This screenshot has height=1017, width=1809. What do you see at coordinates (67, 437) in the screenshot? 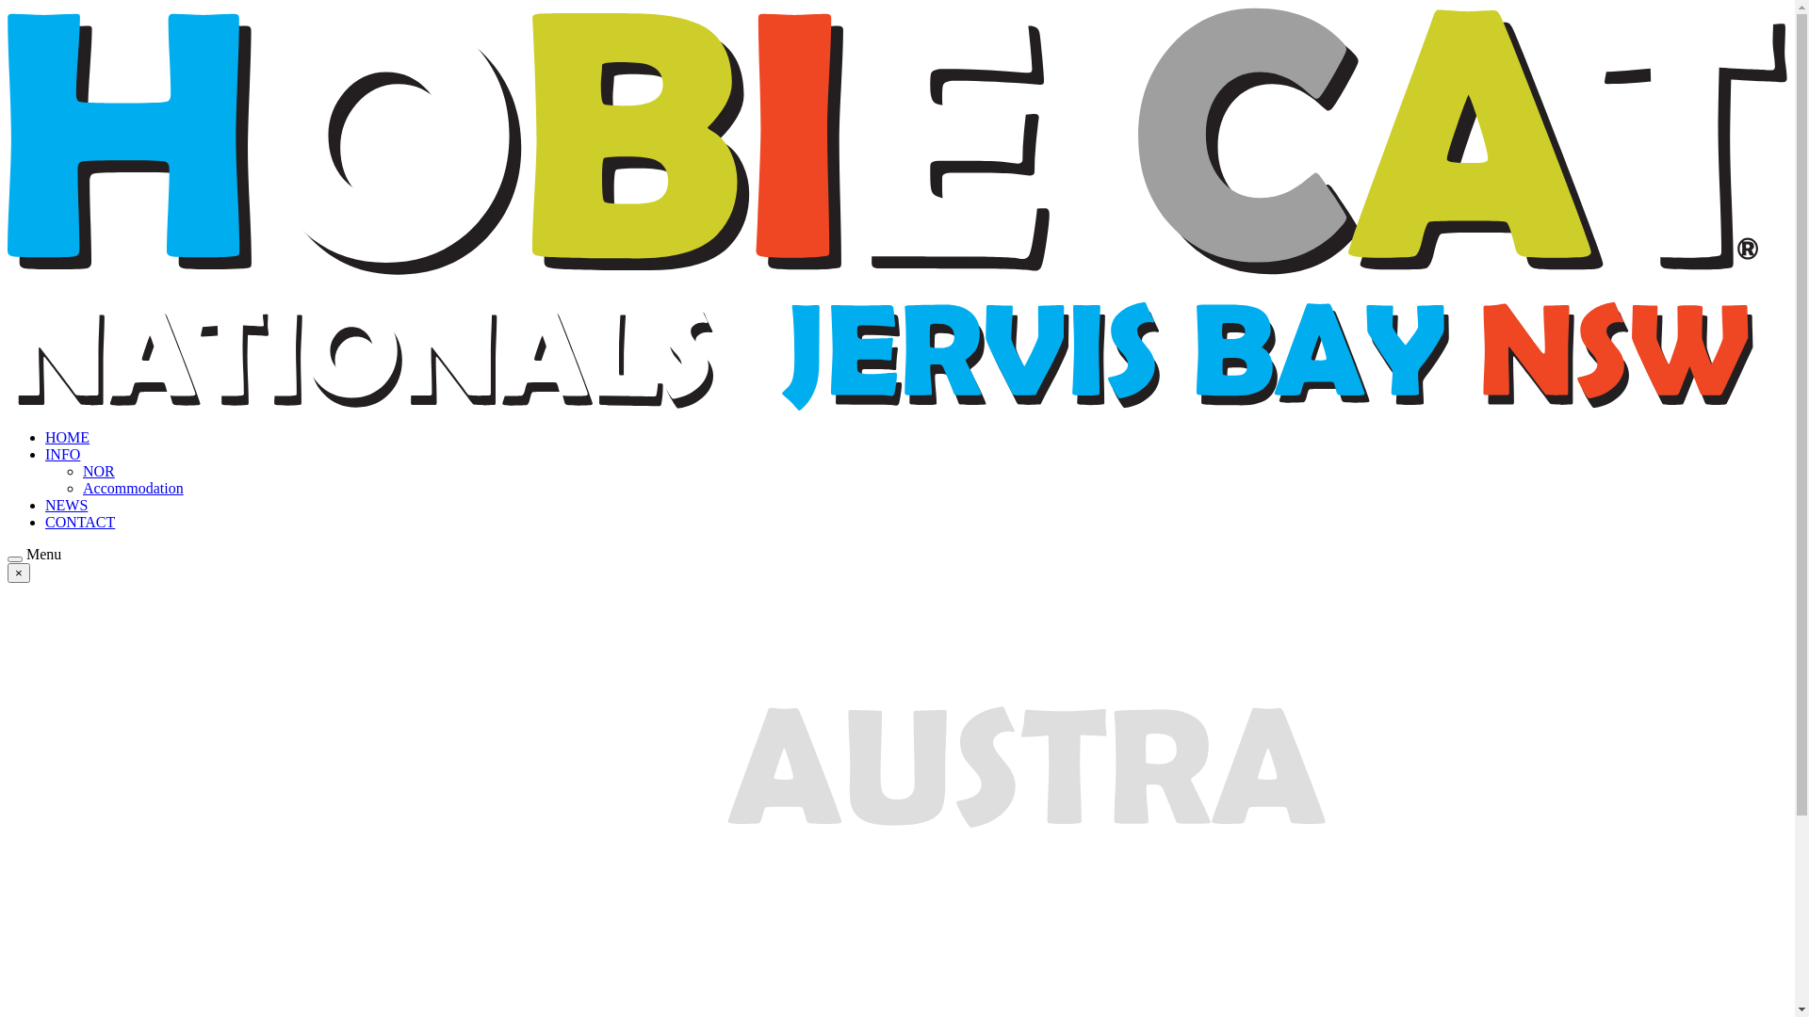
I see `'HOME'` at bounding box center [67, 437].